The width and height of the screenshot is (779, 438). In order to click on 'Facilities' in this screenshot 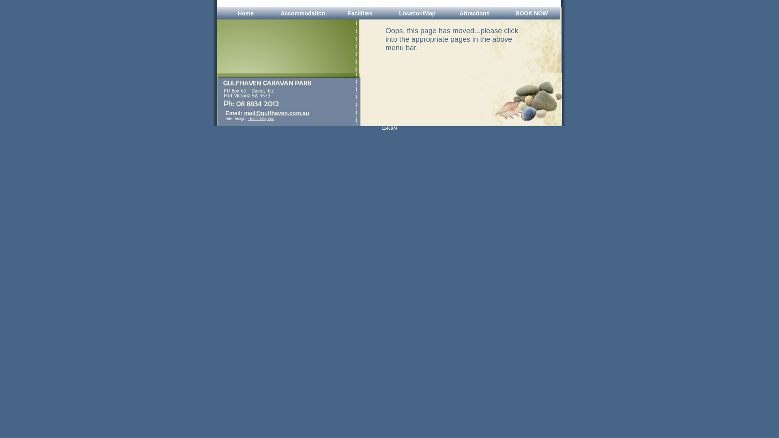, I will do `click(359, 13)`.